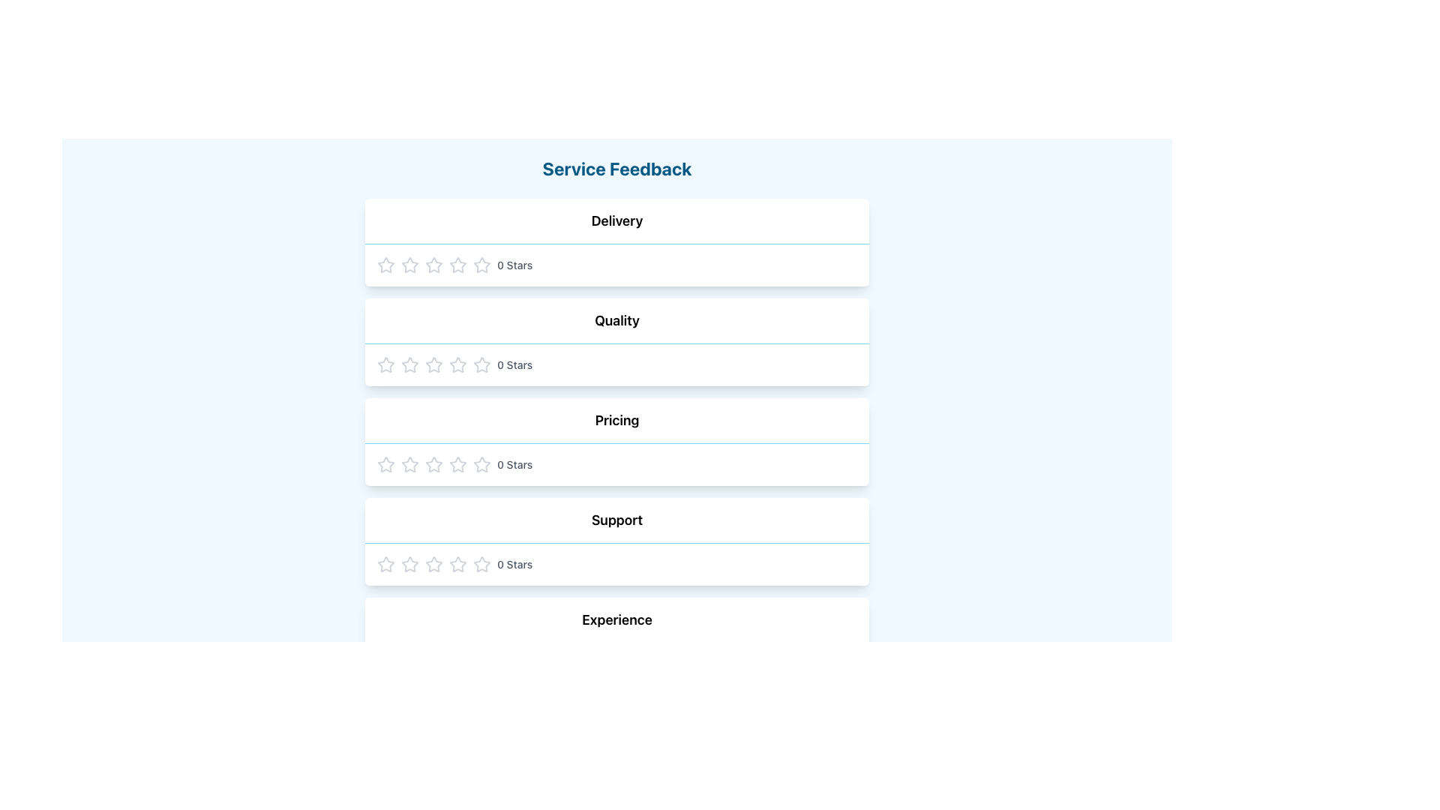 The image size is (1440, 810). I want to click on the static text label displaying '0 Stars', which is styled with a small font size and medium weight, located next to the five gray star icons in the 'Pricing' row of feedback categories to observe any tooltips, so click(514, 464).